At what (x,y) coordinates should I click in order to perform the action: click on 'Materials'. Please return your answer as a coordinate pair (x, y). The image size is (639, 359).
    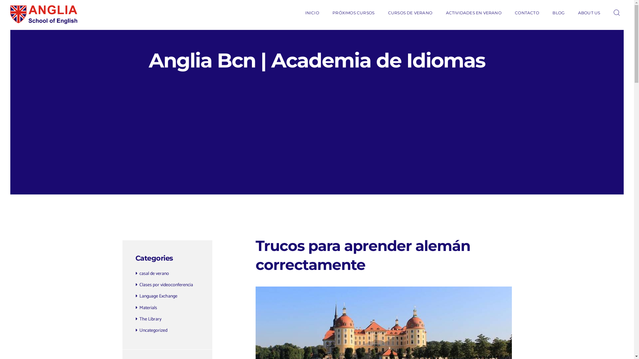
    Looking at the image, I should click on (139, 308).